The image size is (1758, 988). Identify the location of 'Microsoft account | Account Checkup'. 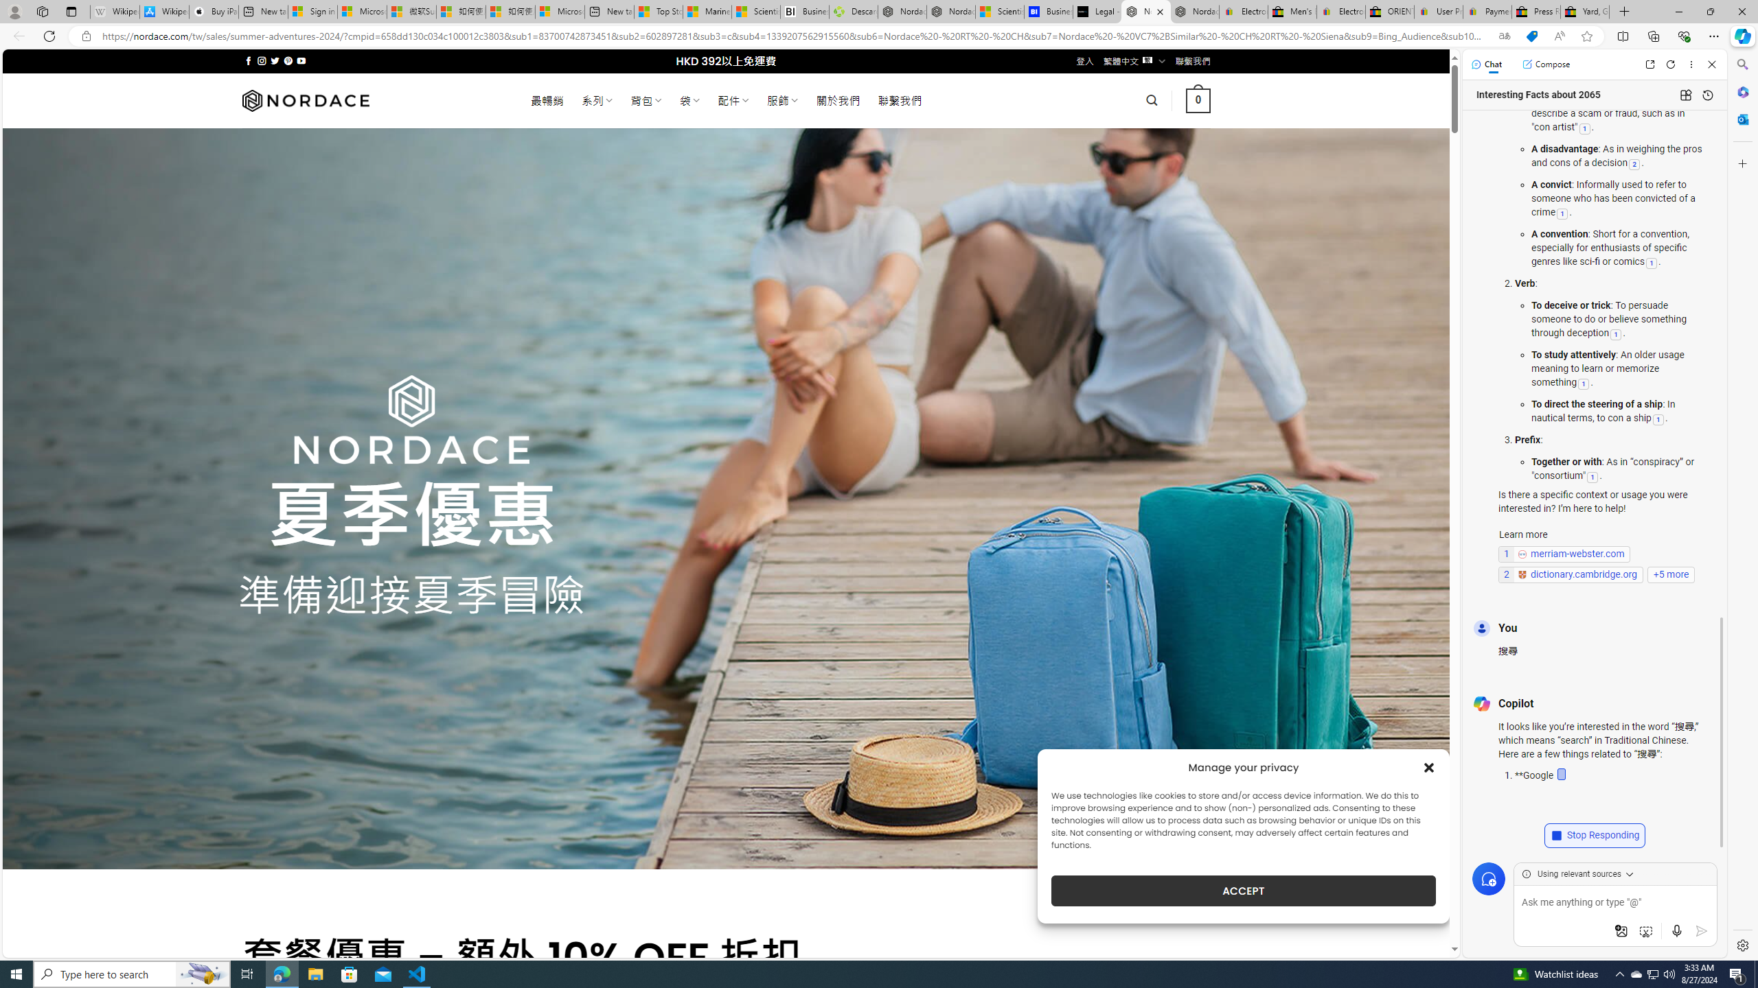
(560, 11).